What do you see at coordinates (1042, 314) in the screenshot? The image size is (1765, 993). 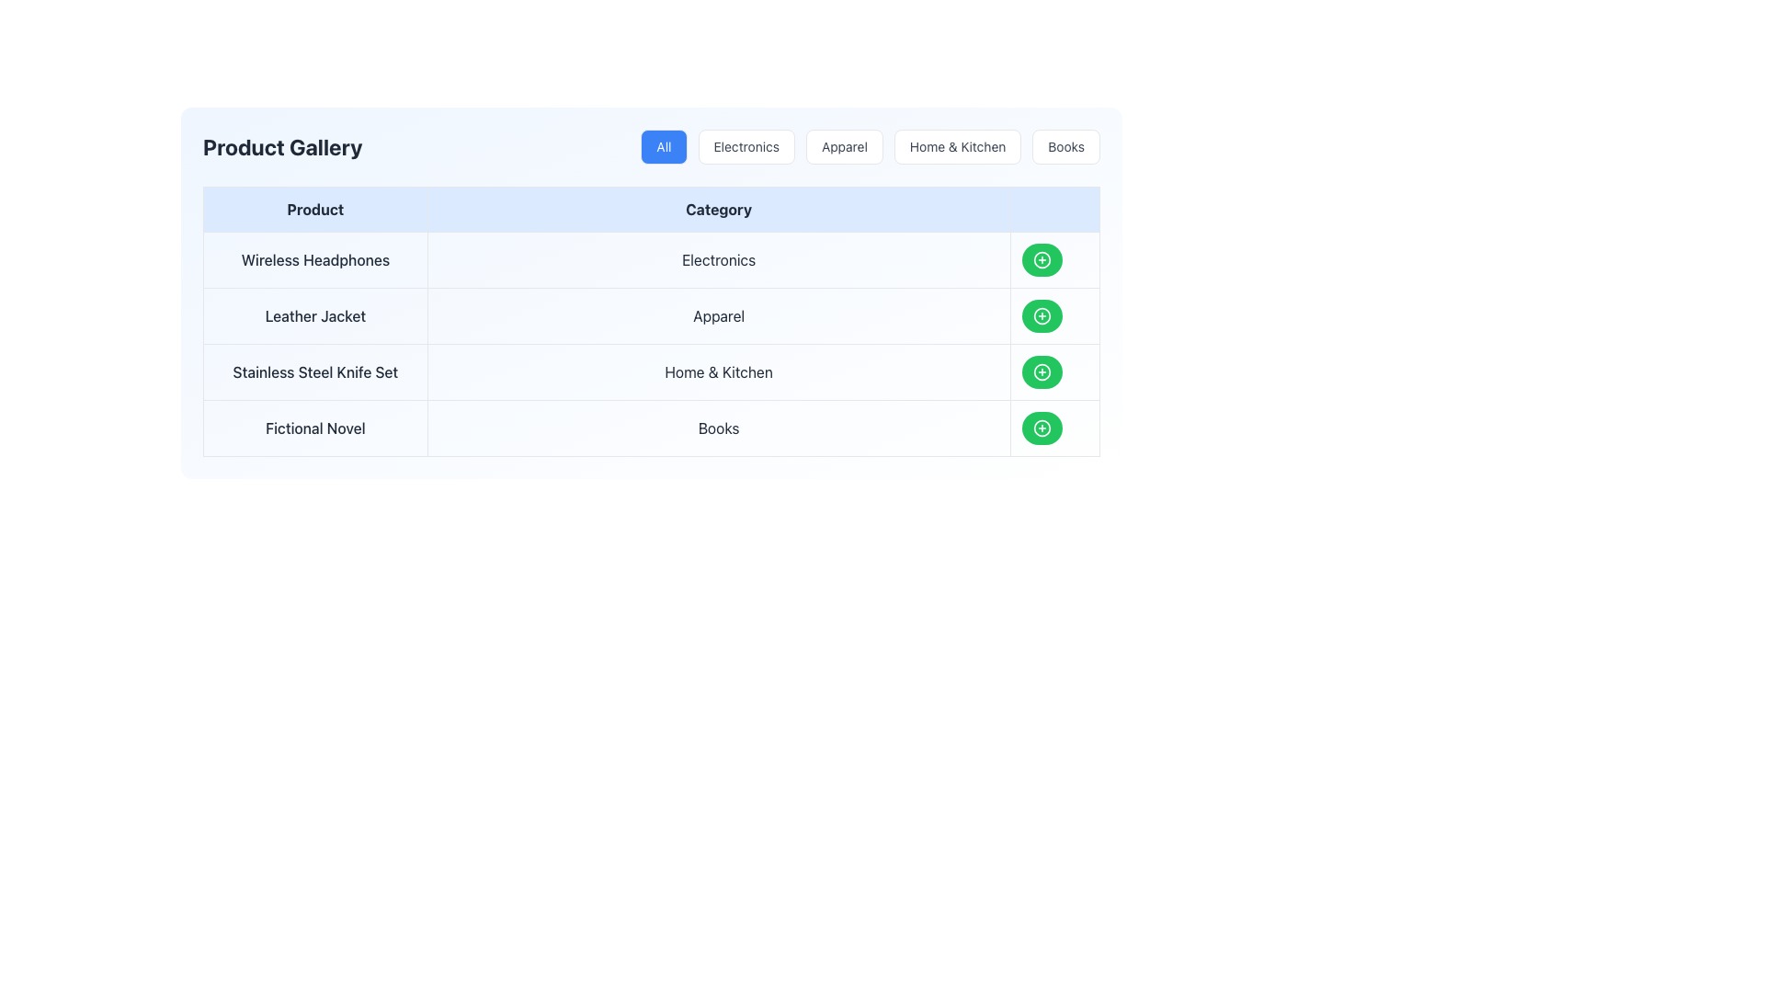 I see `the circular green button with a white plus sign located in the second row under the 'Category' column adjacent to 'Apparel'` at bounding box center [1042, 314].